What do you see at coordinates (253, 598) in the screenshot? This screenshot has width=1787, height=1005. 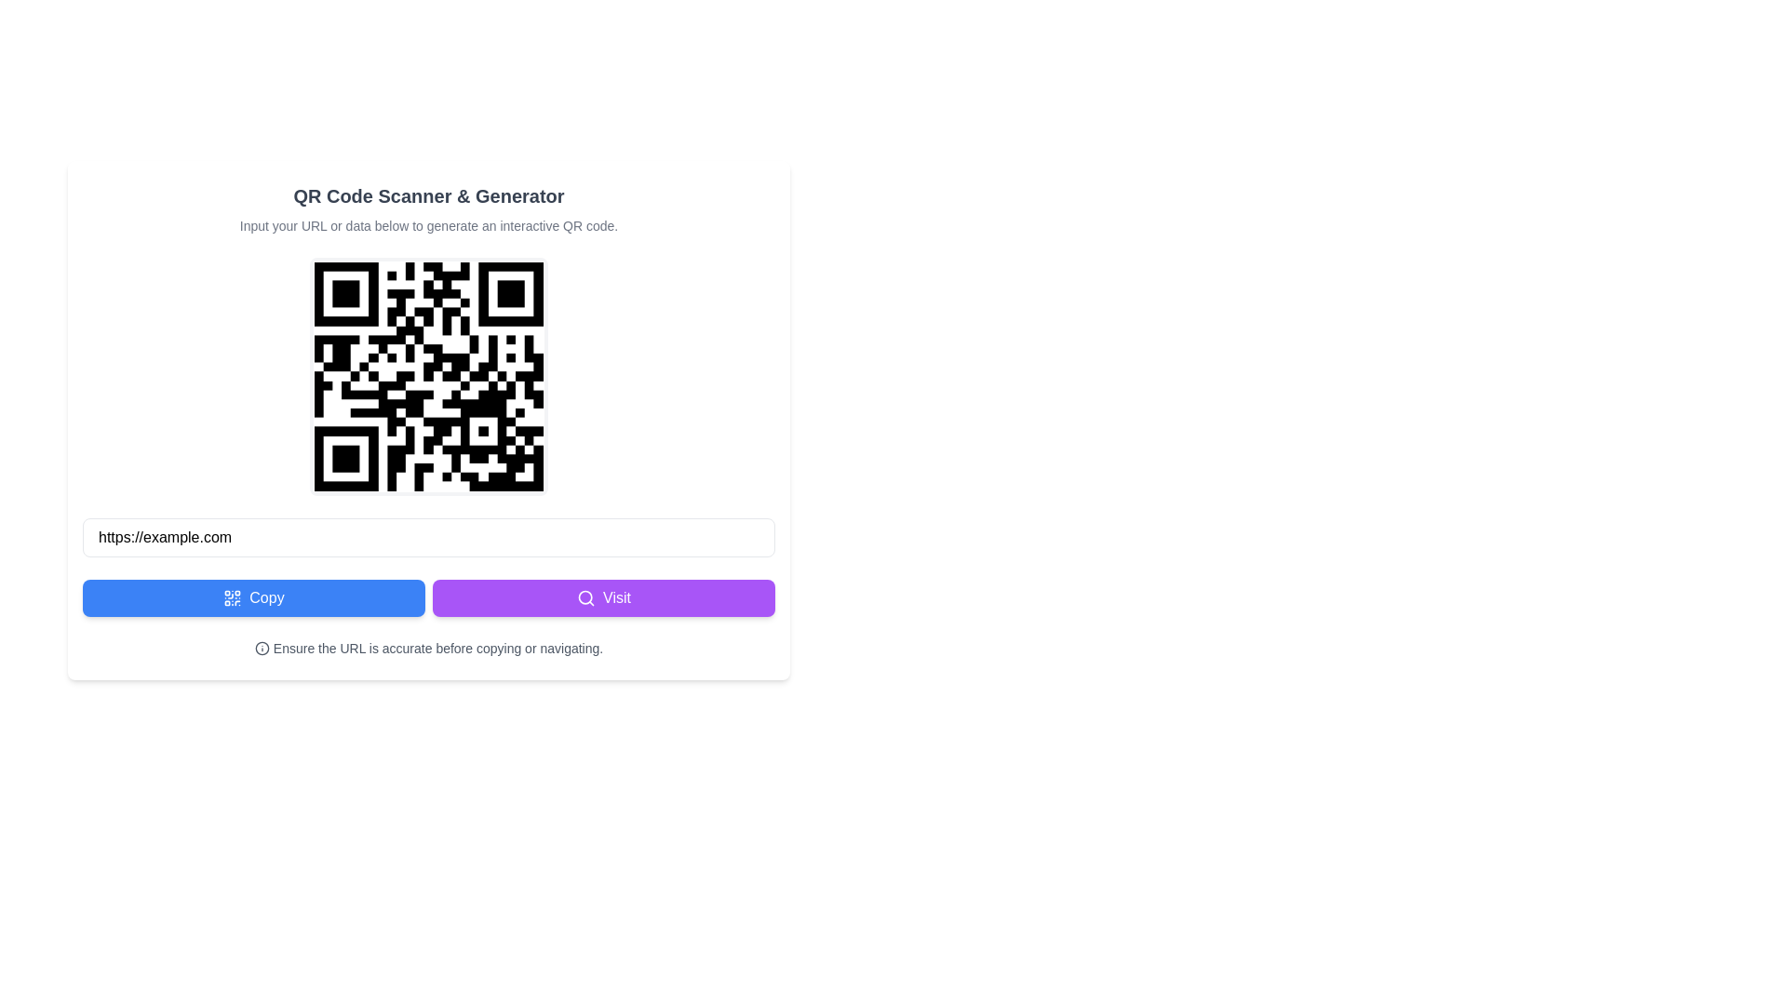 I see `the leftmost button with a blue background labeled 'Copy'` at bounding box center [253, 598].